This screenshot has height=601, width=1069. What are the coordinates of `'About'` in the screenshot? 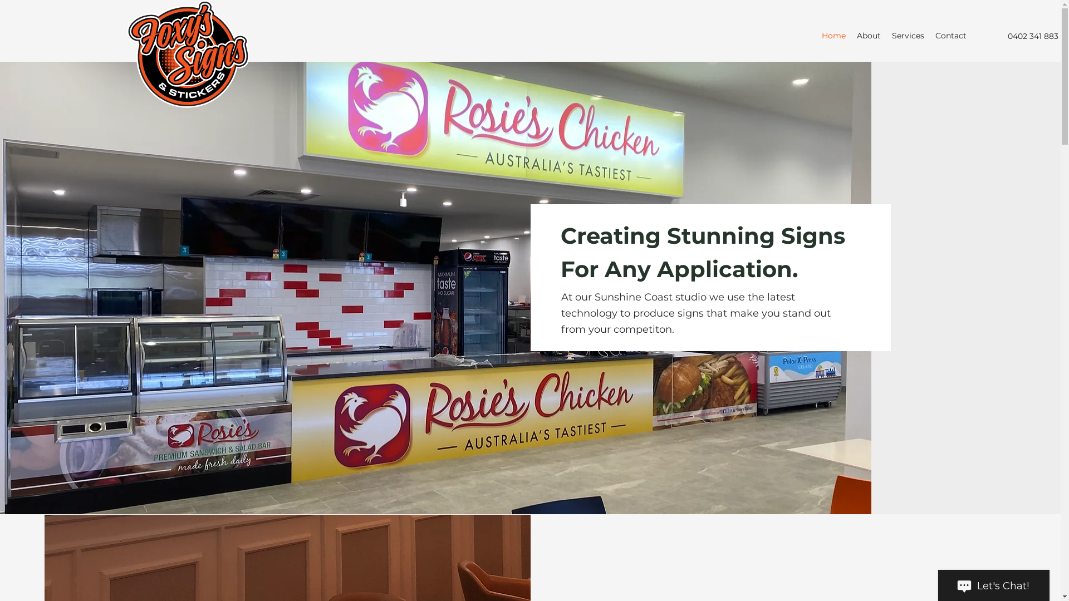 It's located at (868, 35).